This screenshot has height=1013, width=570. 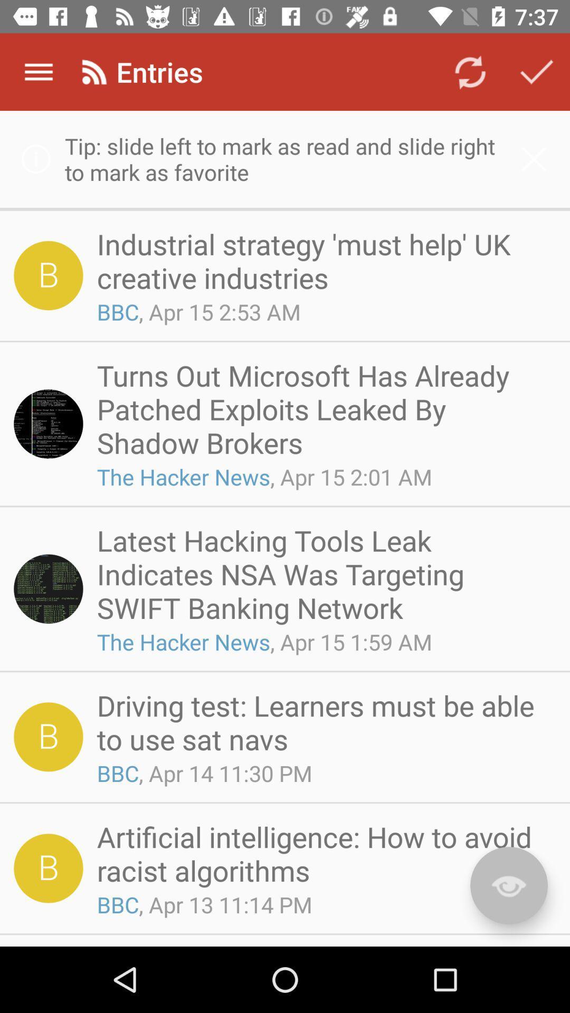 I want to click on the icon to the right of the entries icon, so click(x=470, y=71).